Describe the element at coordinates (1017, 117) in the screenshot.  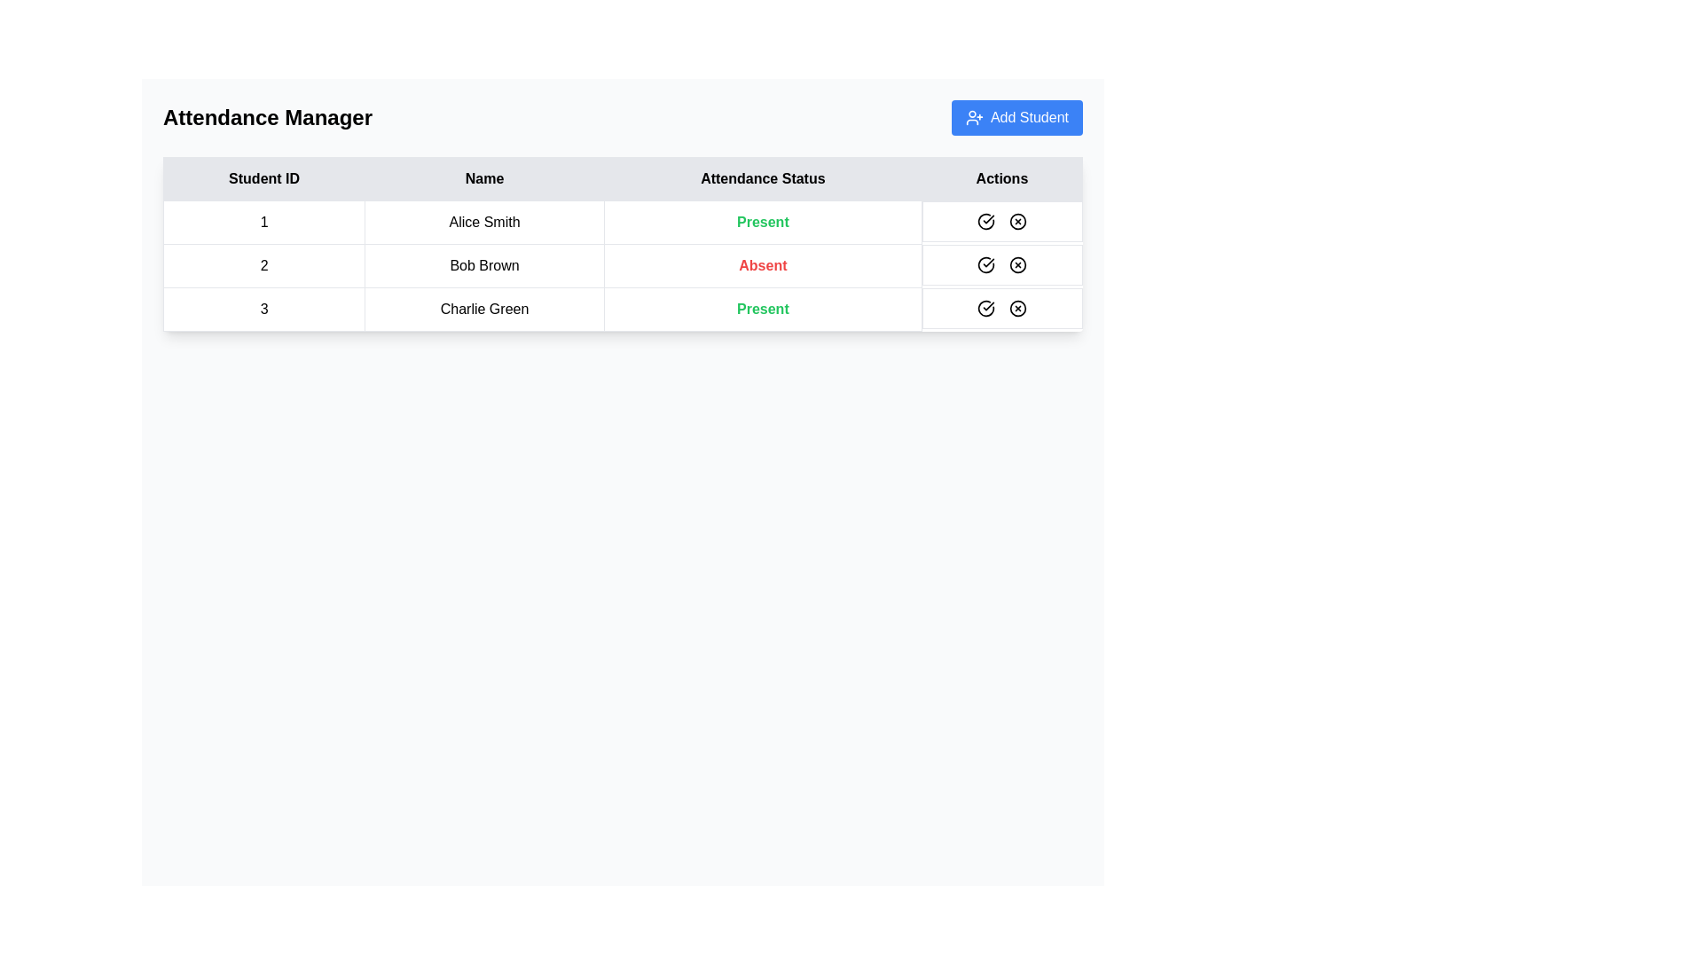
I see `the 'Add Student' button with a blue background and white text, located at the top-right corner of the interface` at that location.